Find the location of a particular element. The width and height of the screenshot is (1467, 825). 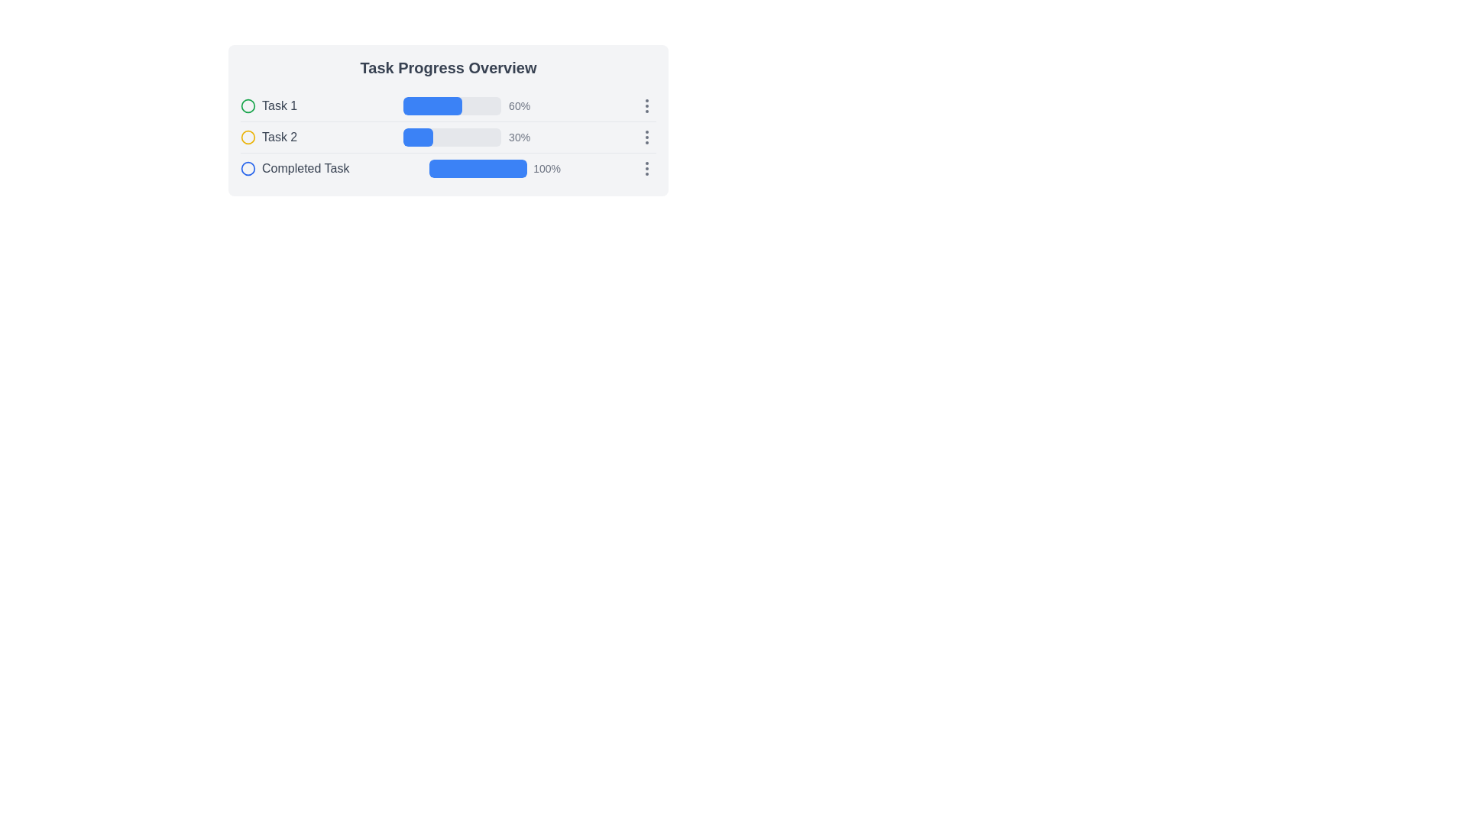

the second list item with a circular icon outlined in yellow and the text 'Task 2', located under the heading 'Task Progress Overview' is located at coordinates (269, 137).